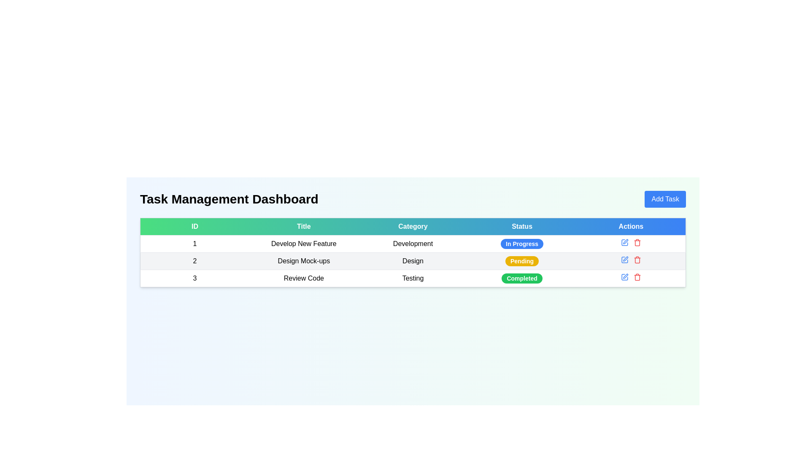 Image resolution: width=810 pixels, height=455 pixels. Describe the element at coordinates (304, 226) in the screenshot. I see `the 'Title' column header in the table, which is the second column header located between the 'ID' and 'Category' headers` at that location.